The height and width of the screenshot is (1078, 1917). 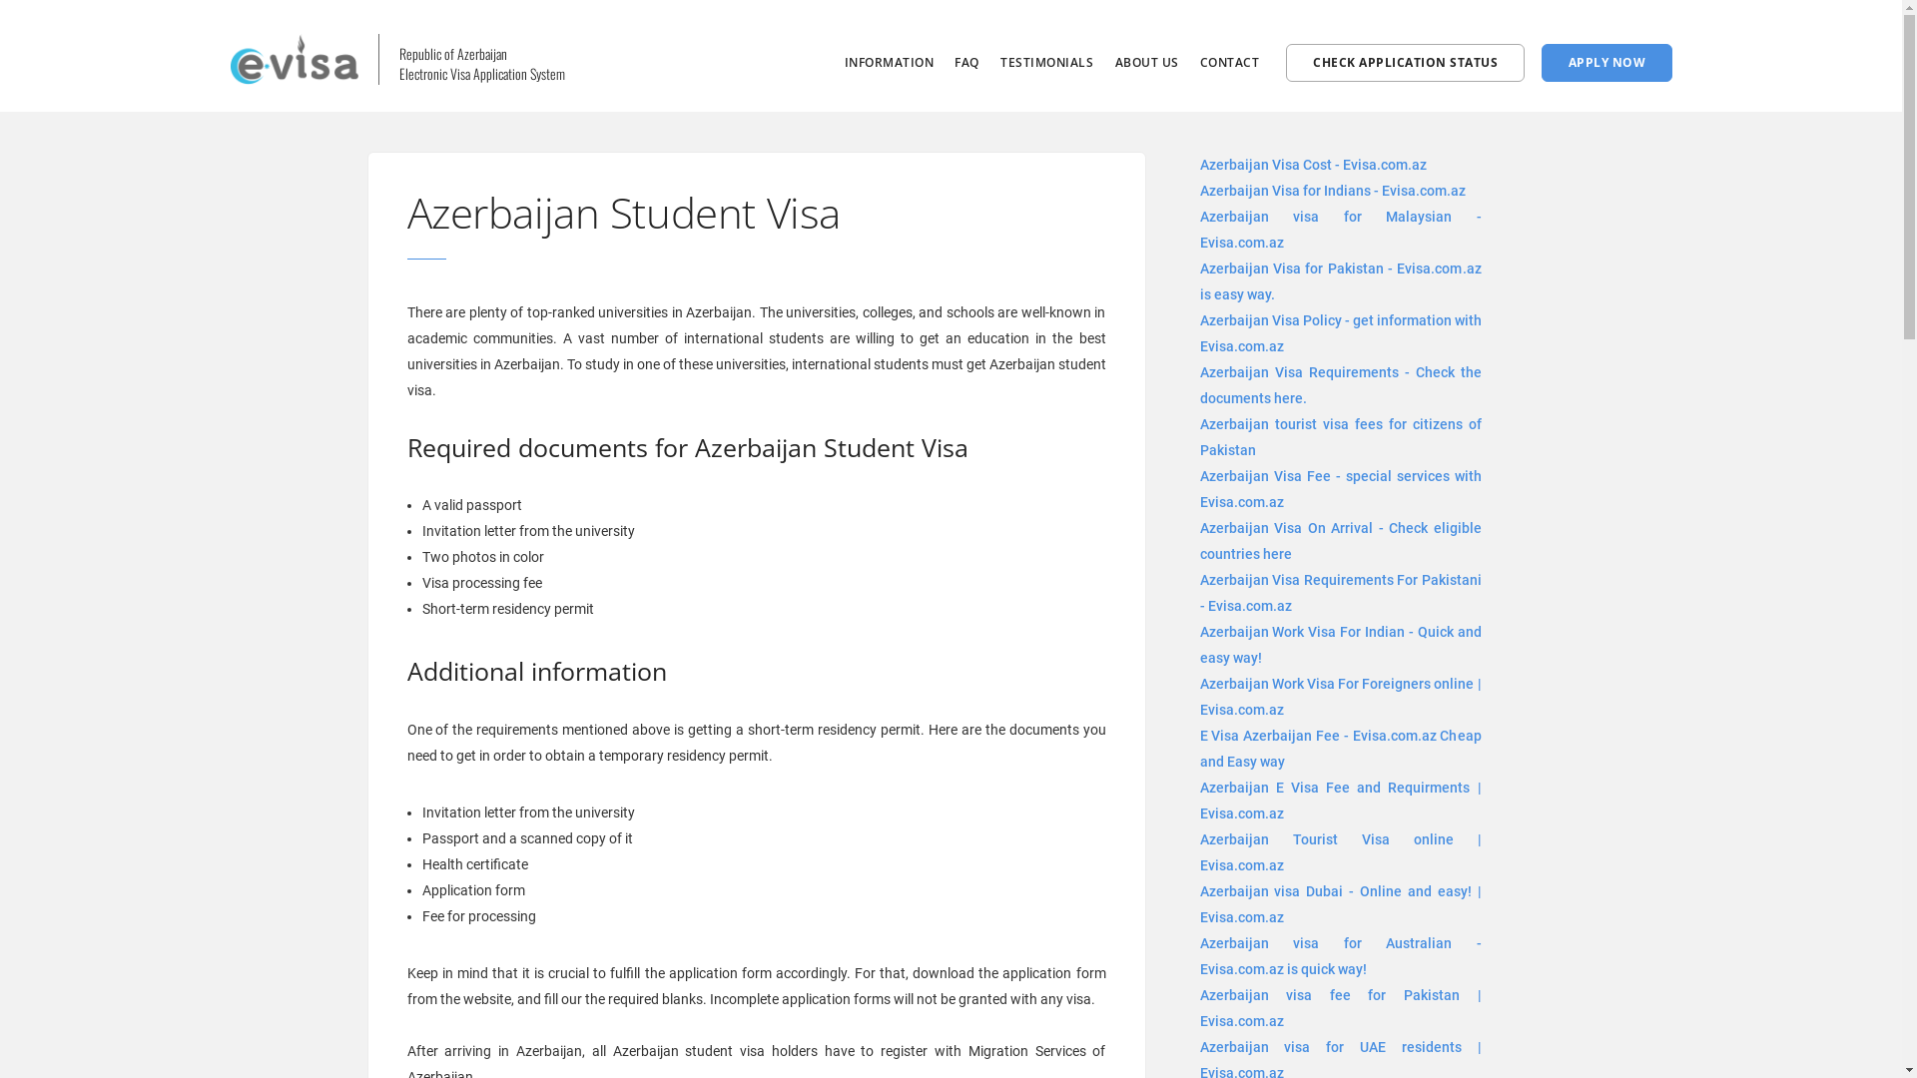 I want to click on 'FAQ', so click(x=966, y=61).